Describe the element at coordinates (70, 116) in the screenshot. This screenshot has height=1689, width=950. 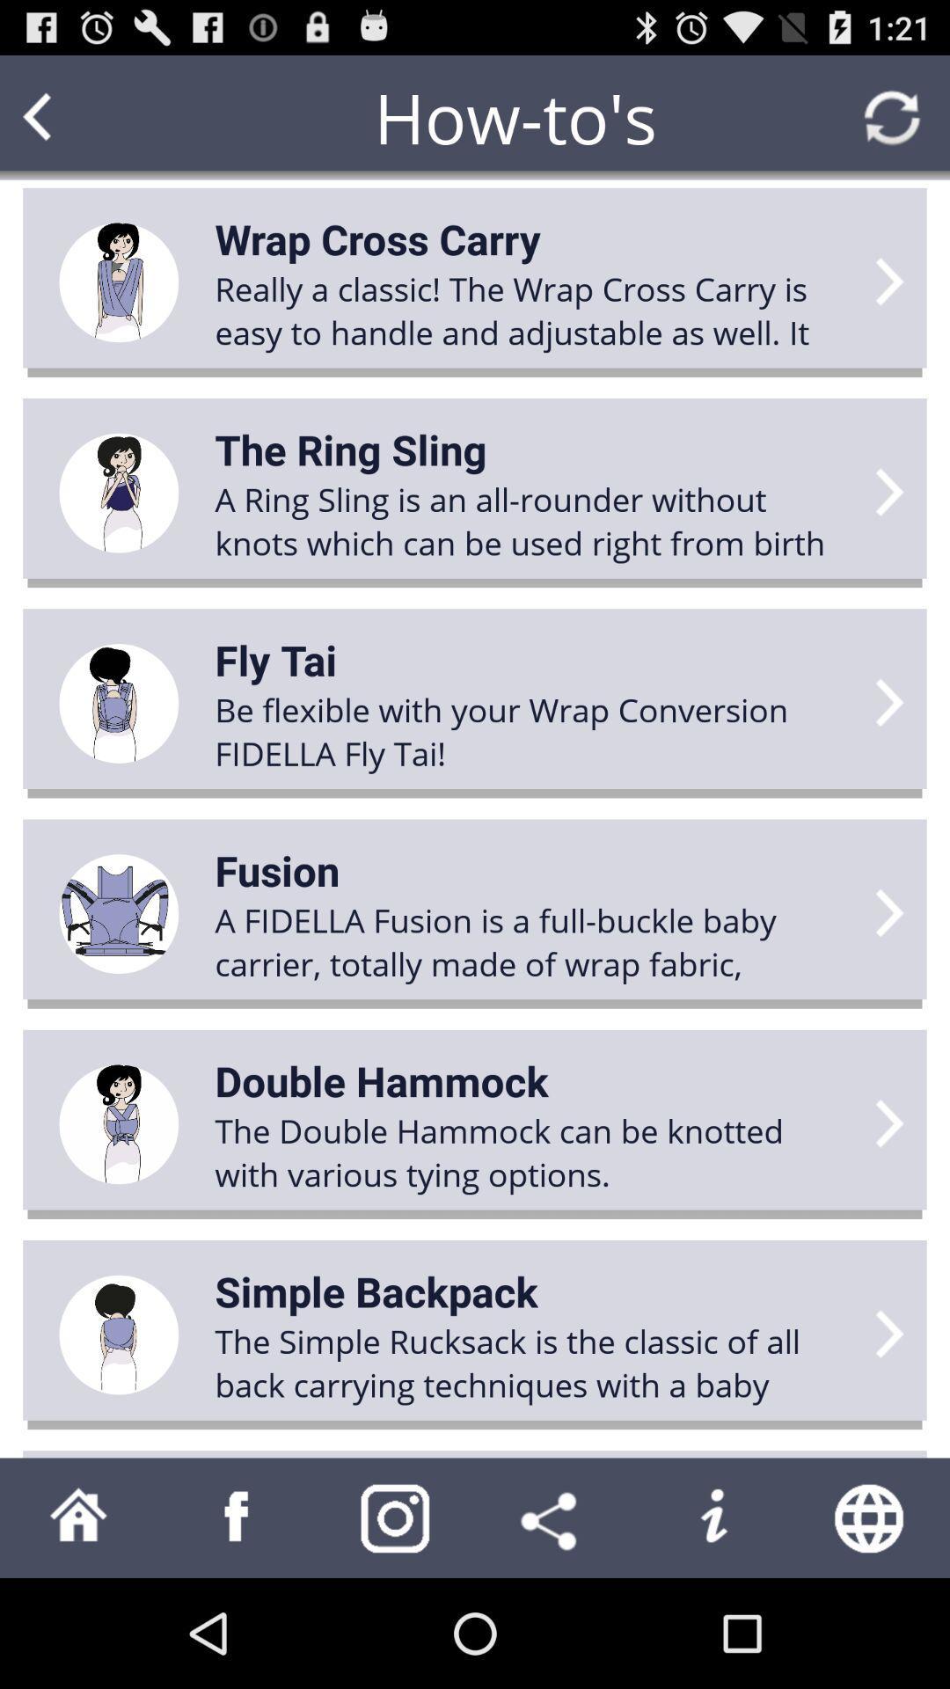
I see `app next to how-to's` at that location.